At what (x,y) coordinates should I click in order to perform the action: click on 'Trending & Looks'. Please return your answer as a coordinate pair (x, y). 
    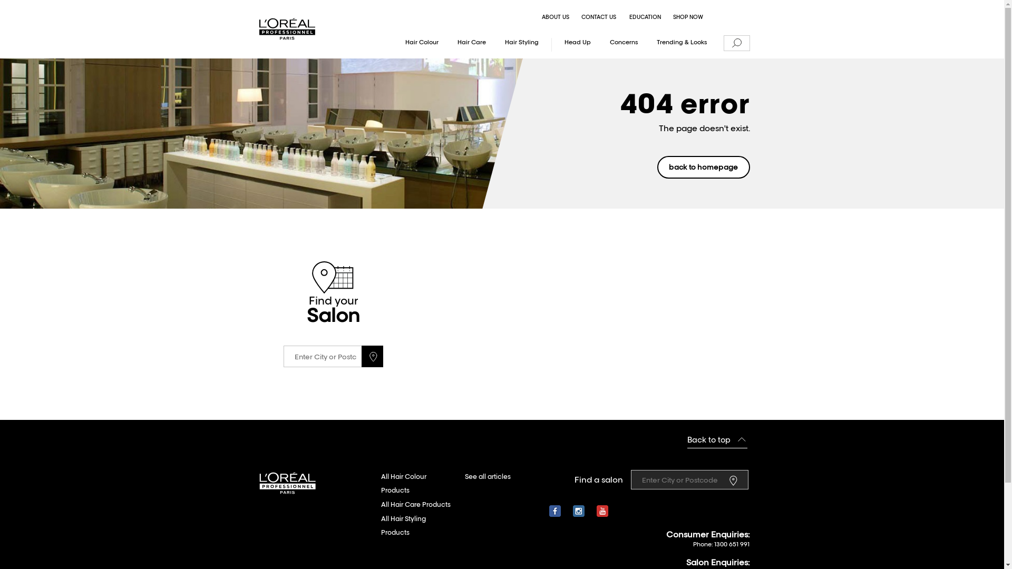
    Looking at the image, I should click on (682, 44).